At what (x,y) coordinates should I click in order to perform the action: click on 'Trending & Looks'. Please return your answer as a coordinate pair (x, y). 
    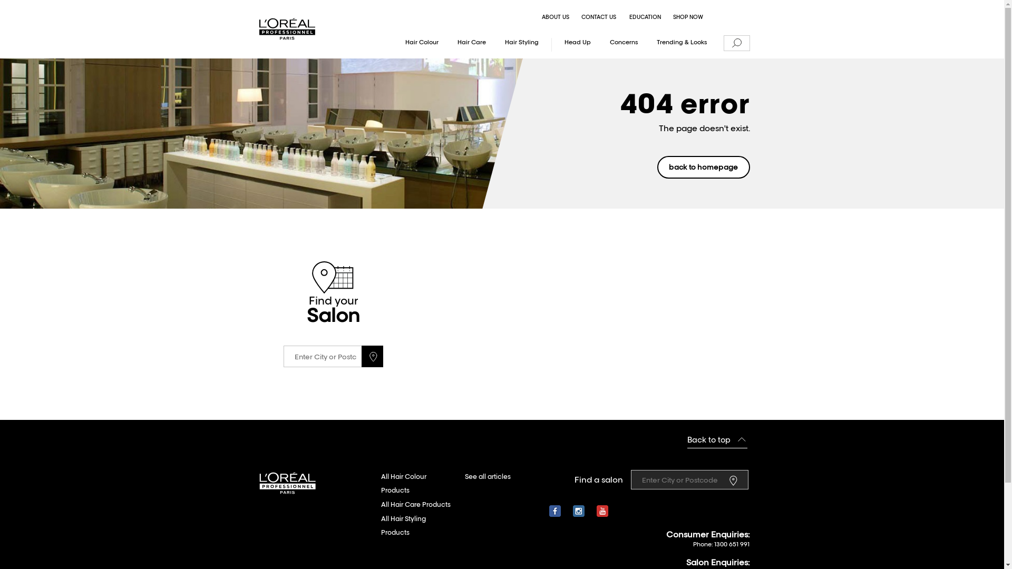
    Looking at the image, I should click on (682, 44).